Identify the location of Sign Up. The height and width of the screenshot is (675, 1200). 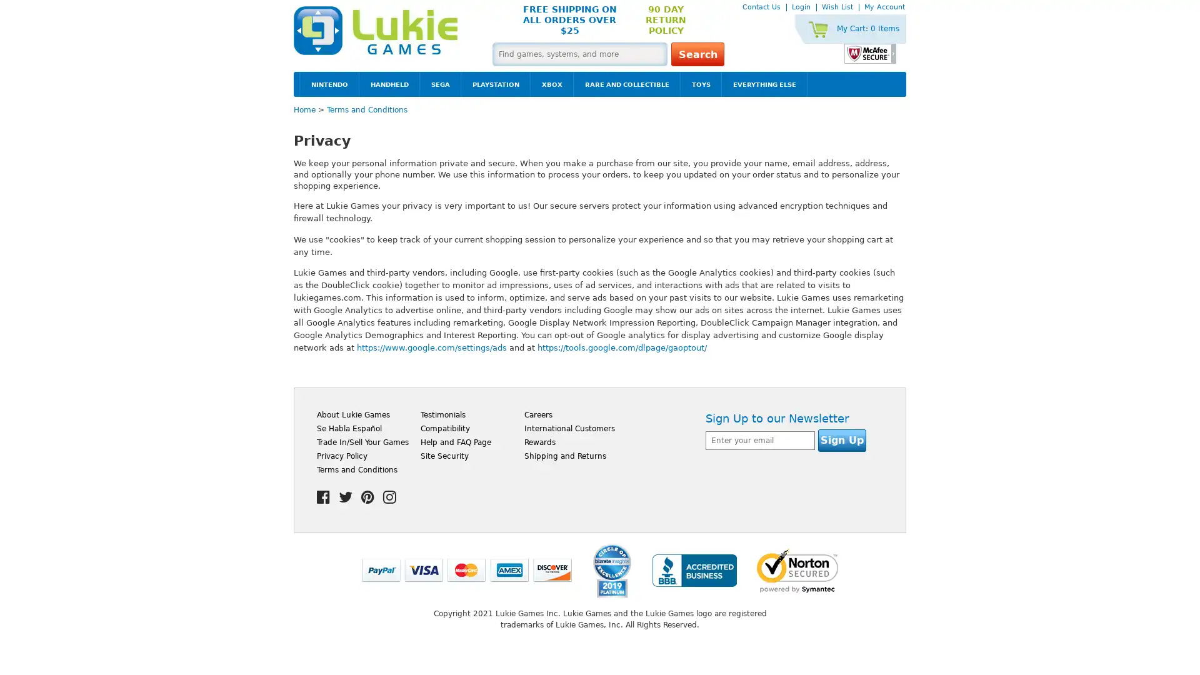
(842, 439).